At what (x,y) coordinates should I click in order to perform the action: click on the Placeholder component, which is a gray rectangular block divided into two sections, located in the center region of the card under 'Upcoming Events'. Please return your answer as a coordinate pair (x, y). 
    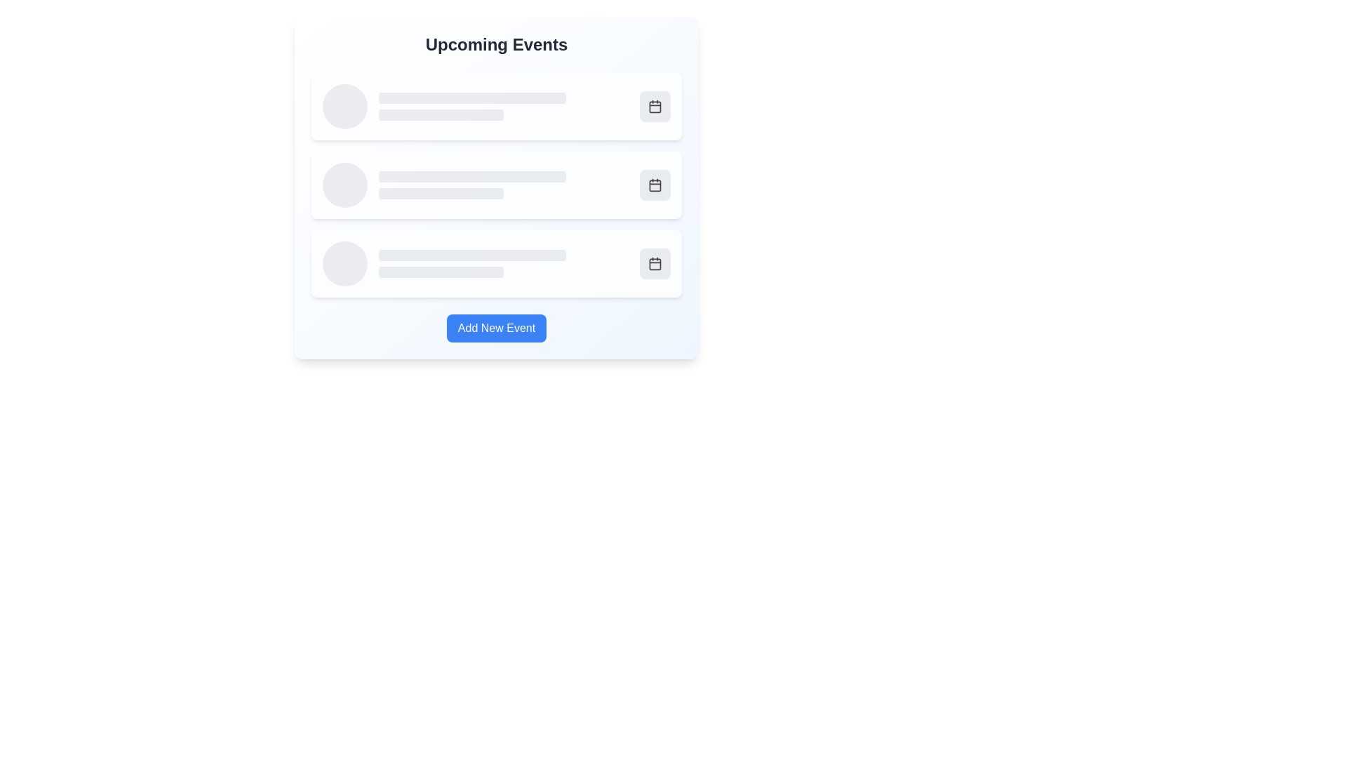
    Looking at the image, I should click on (504, 184).